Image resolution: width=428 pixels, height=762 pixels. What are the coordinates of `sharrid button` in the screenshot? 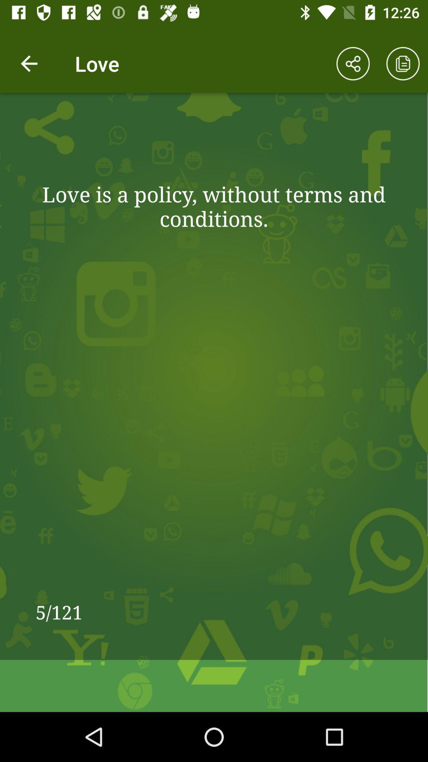 It's located at (353, 63).